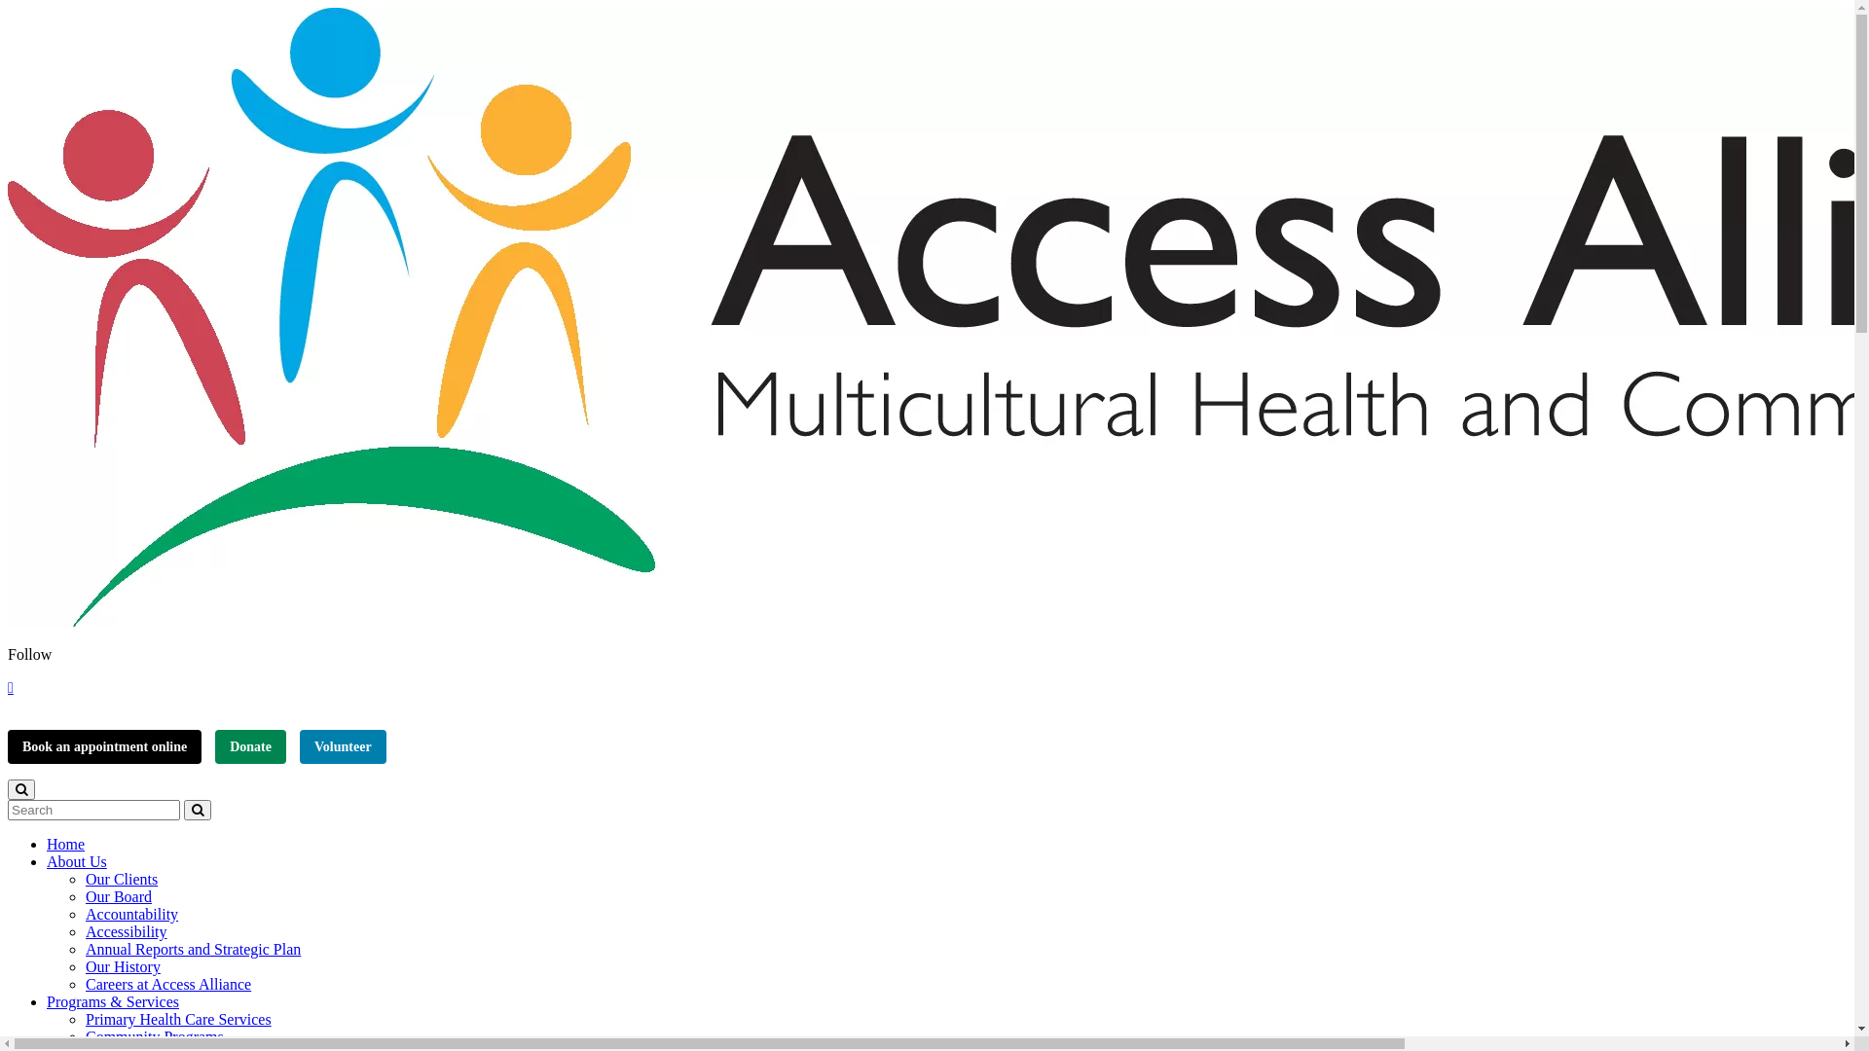  I want to click on 'Volunteer', so click(343, 745).